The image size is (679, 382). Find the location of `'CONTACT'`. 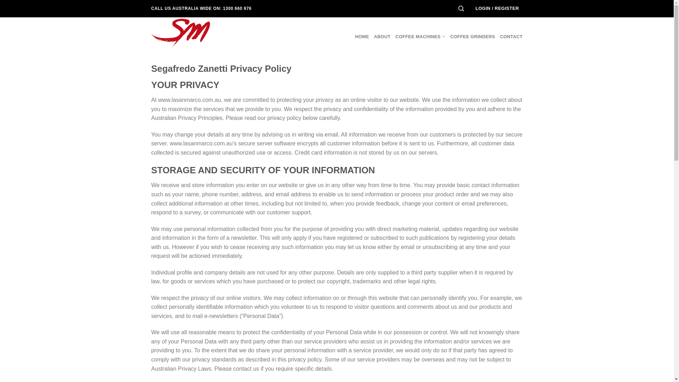

'CONTACT' is located at coordinates (500, 37).